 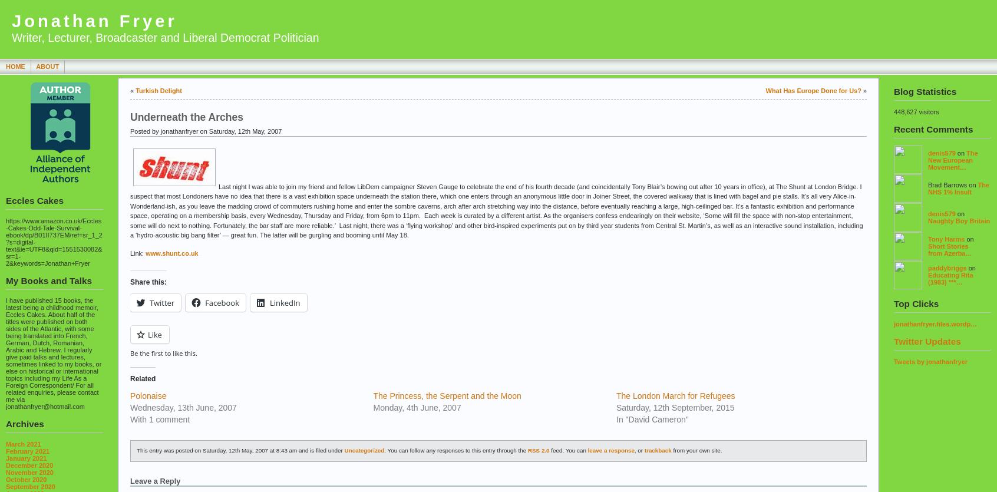 What do you see at coordinates (952, 159) in the screenshot?
I see `'The New European Movement…'` at bounding box center [952, 159].